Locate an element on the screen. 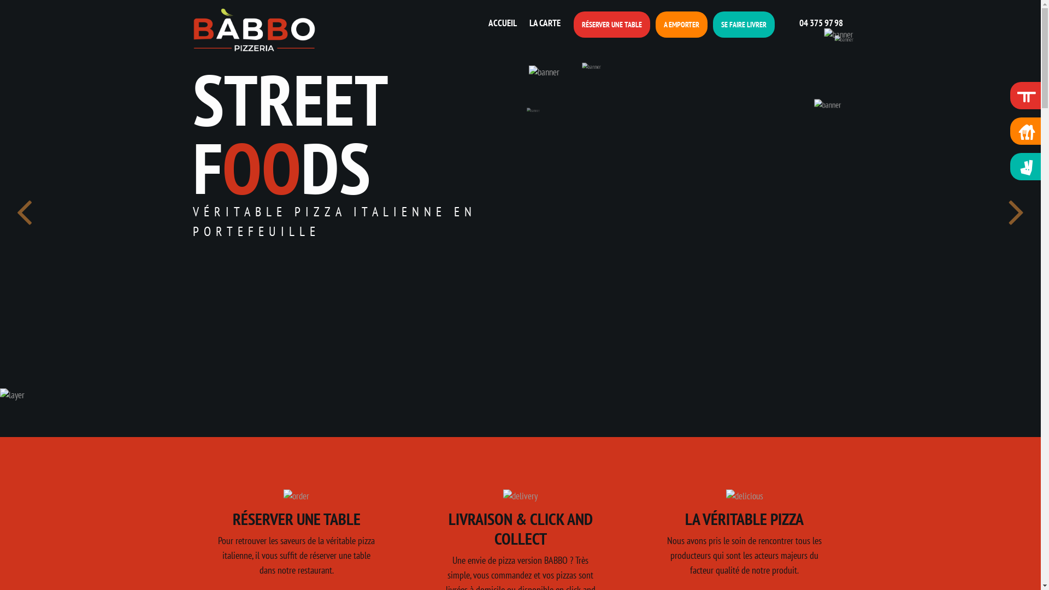 This screenshot has height=590, width=1049. '04 375 97 98' is located at coordinates (811, 22).